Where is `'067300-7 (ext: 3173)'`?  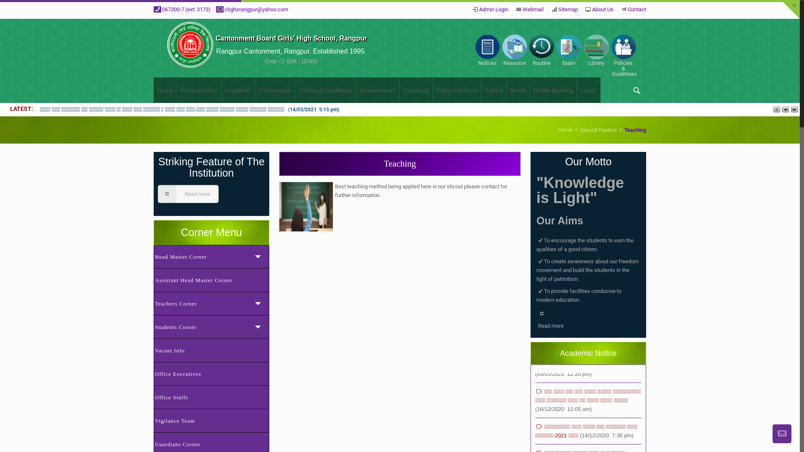
'067300-7 (ext: 3173)' is located at coordinates (186, 9).